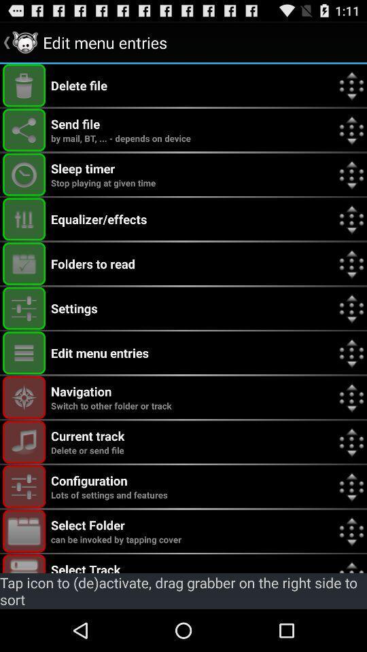 The image size is (367, 652). What do you see at coordinates (24, 174) in the screenshot?
I see `open sleep timer` at bounding box center [24, 174].